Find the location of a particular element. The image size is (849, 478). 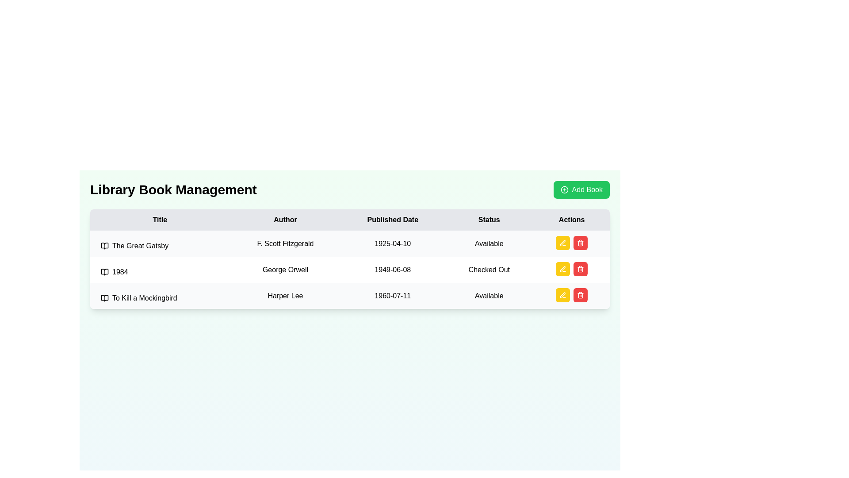

the text display indicating the author of the book '1984' in the library book management table is located at coordinates (285, 269).